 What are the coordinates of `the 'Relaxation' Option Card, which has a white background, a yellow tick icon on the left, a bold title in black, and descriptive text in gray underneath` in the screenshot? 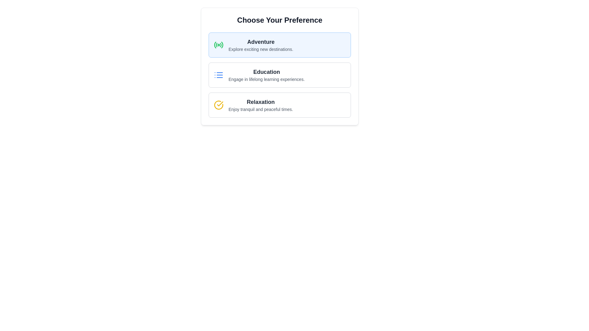 It's located at (279, 105).